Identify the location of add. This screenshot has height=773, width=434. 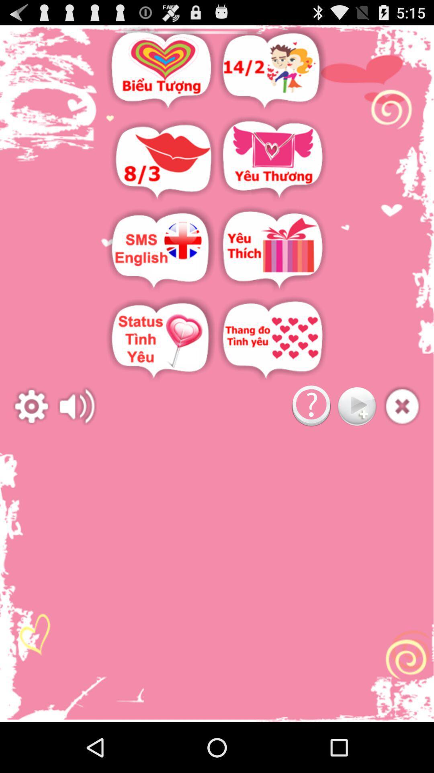
(402, 406).